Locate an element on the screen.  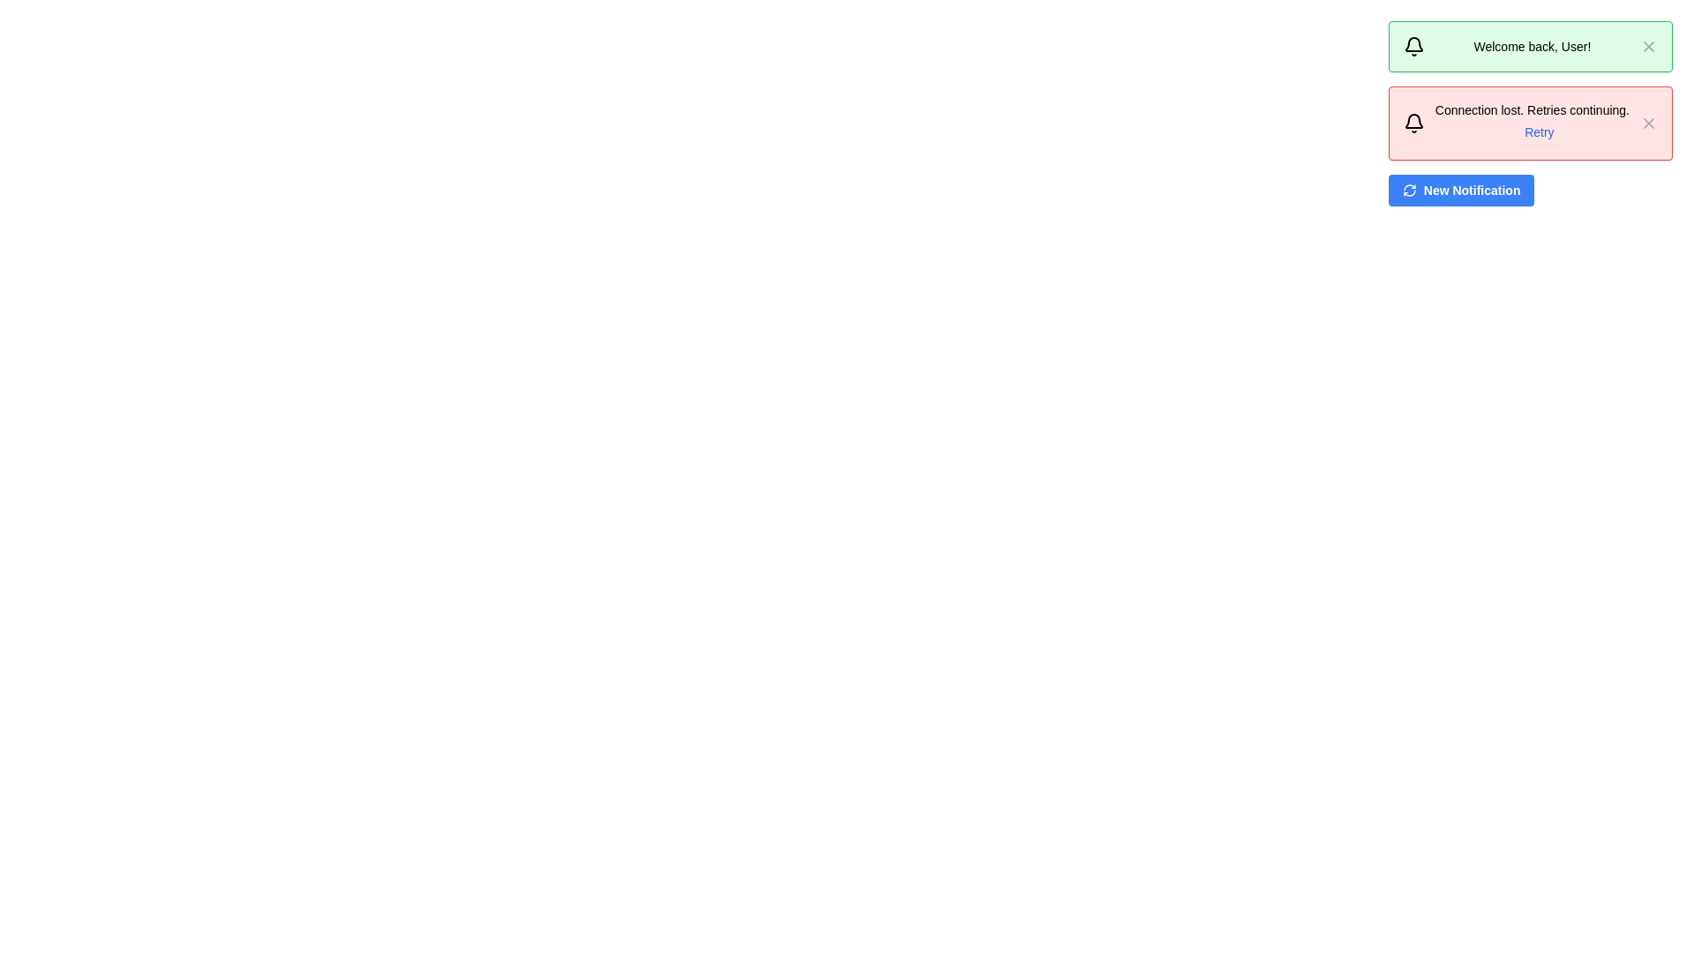
the static text message that reads 'Connection lost. Retries continuing.' located at the top of the notification panel, which is styled with a warning design is located at coordinates (1531, 109).